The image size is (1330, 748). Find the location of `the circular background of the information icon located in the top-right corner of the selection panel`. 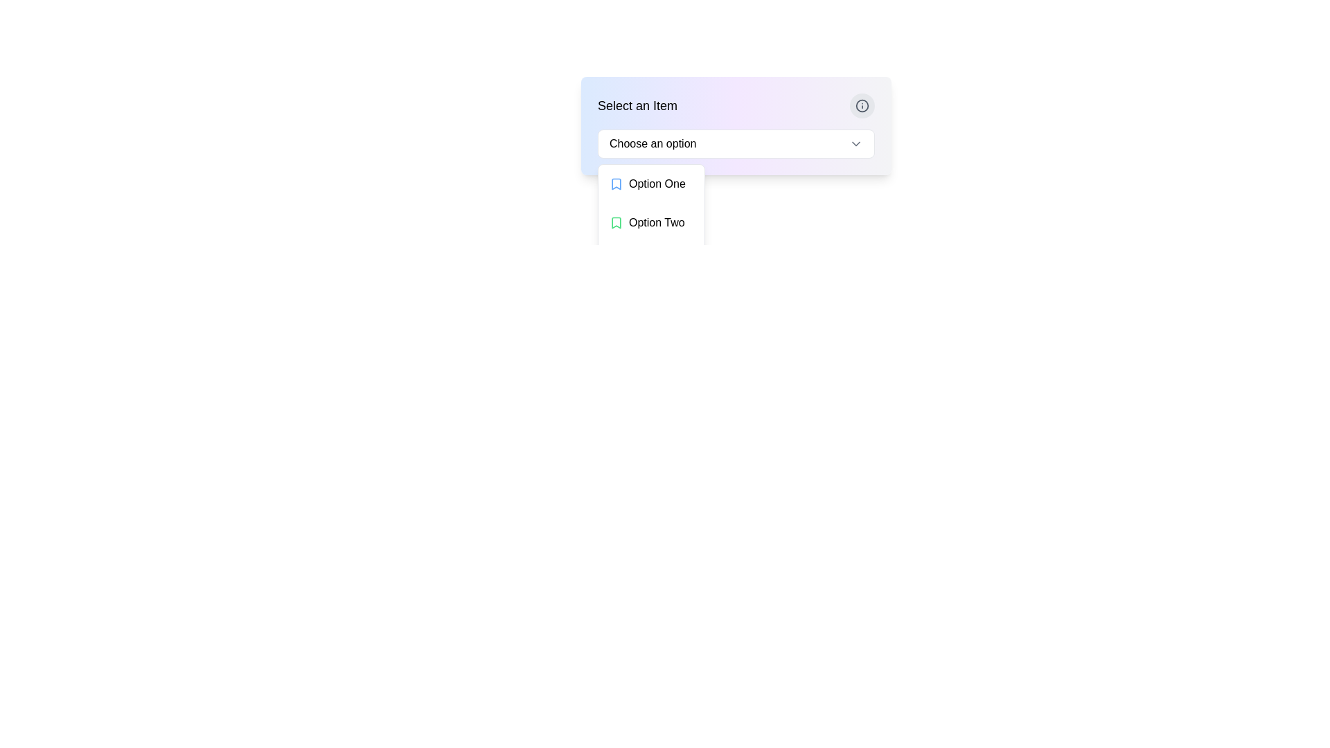

the circular background of the information icon located in the top-right corner of the selection panel is located at coordinates (861, 105).